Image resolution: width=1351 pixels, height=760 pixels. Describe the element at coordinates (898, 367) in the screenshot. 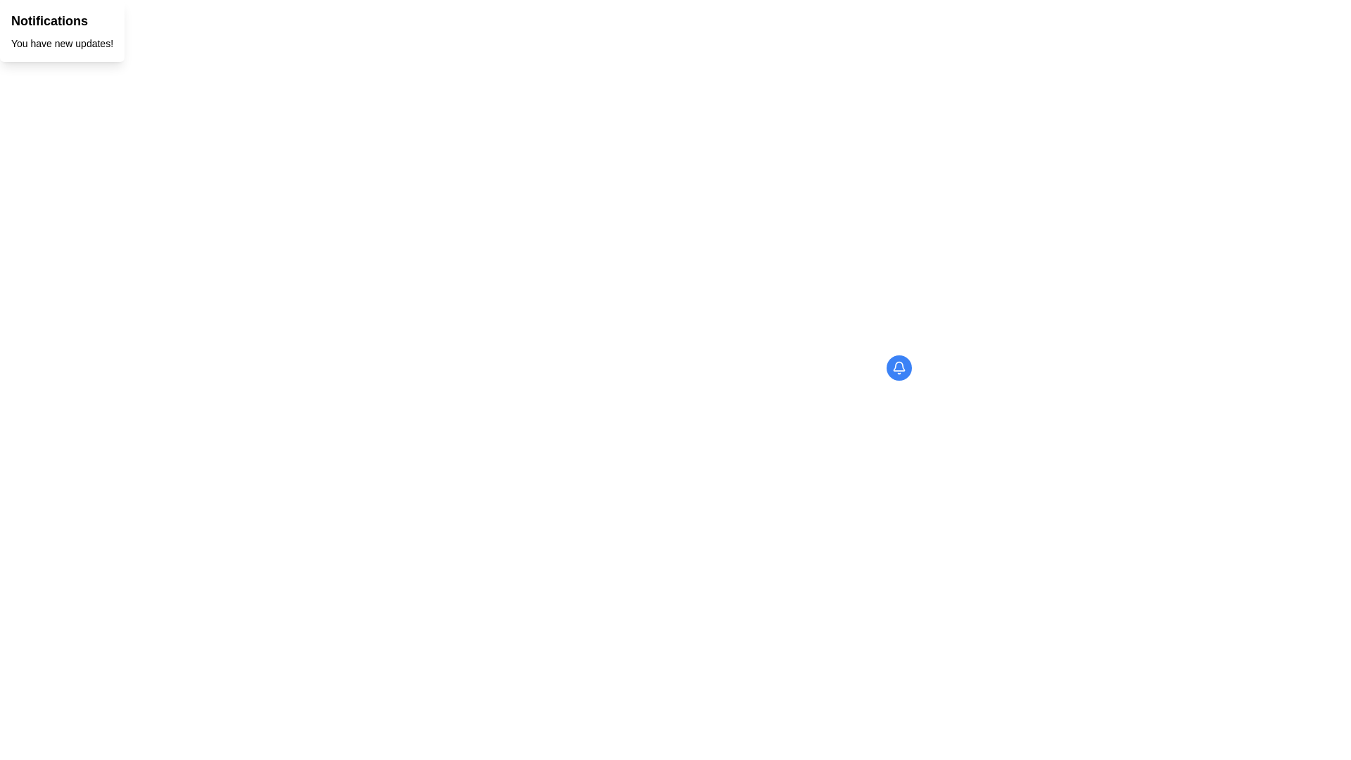

I see `the circular blue button with a white bell icon` at that location.